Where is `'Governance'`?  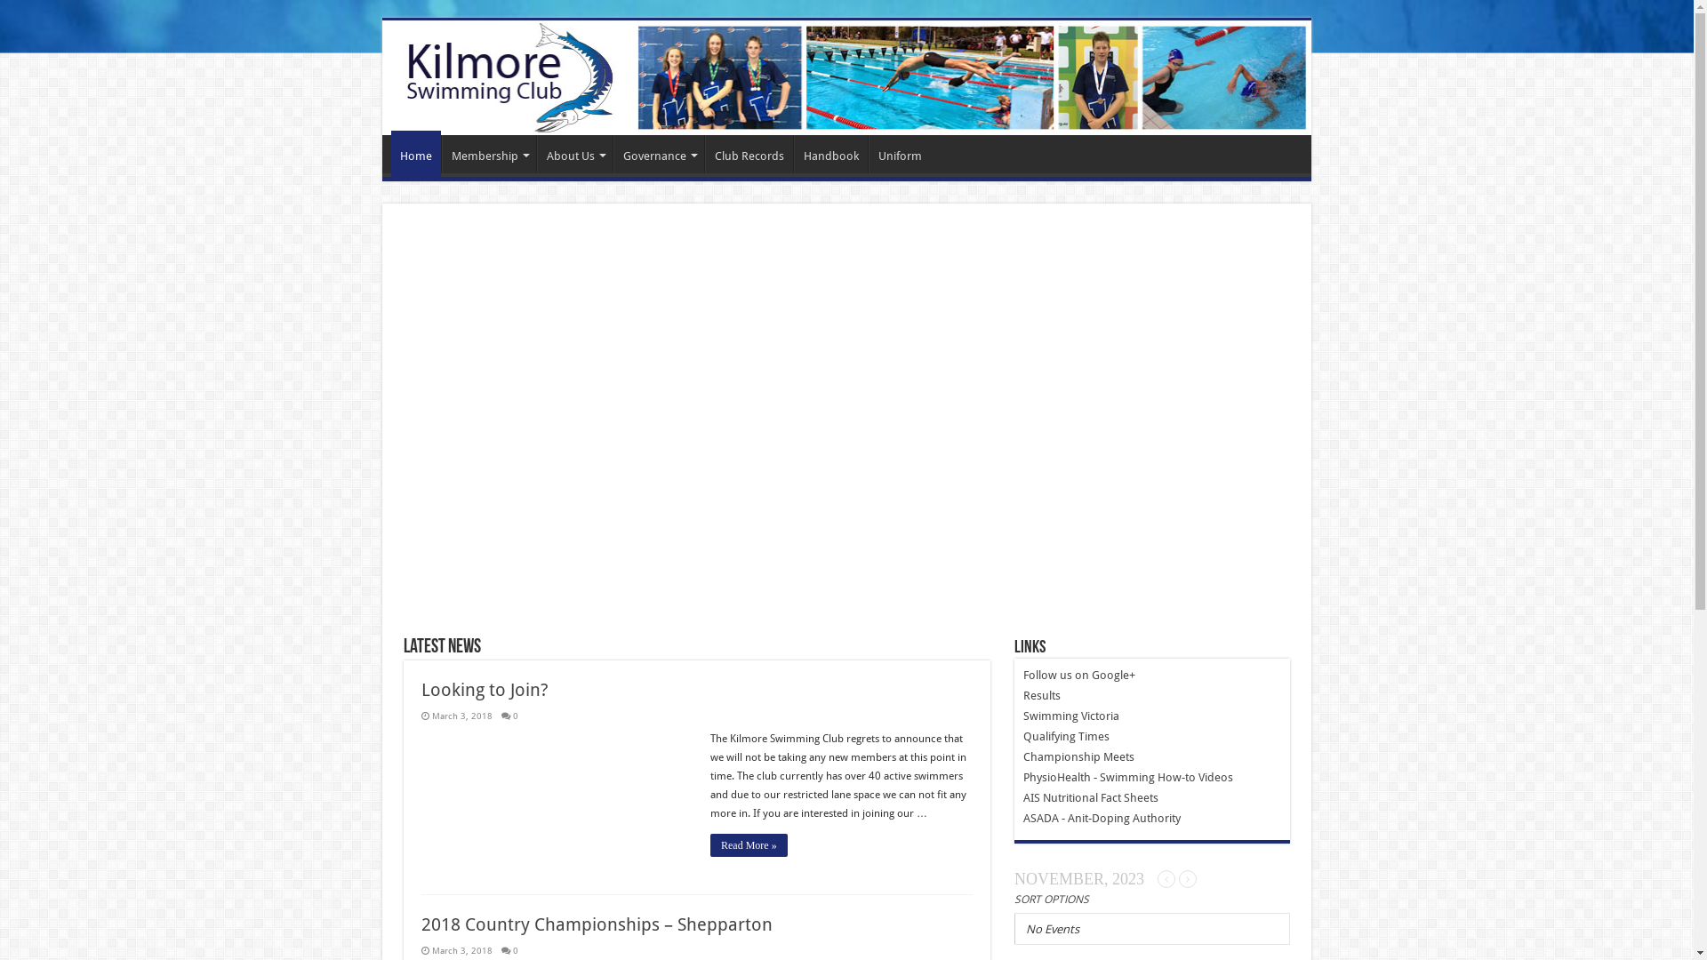
'Governance' is located at coordinates (657, 153).